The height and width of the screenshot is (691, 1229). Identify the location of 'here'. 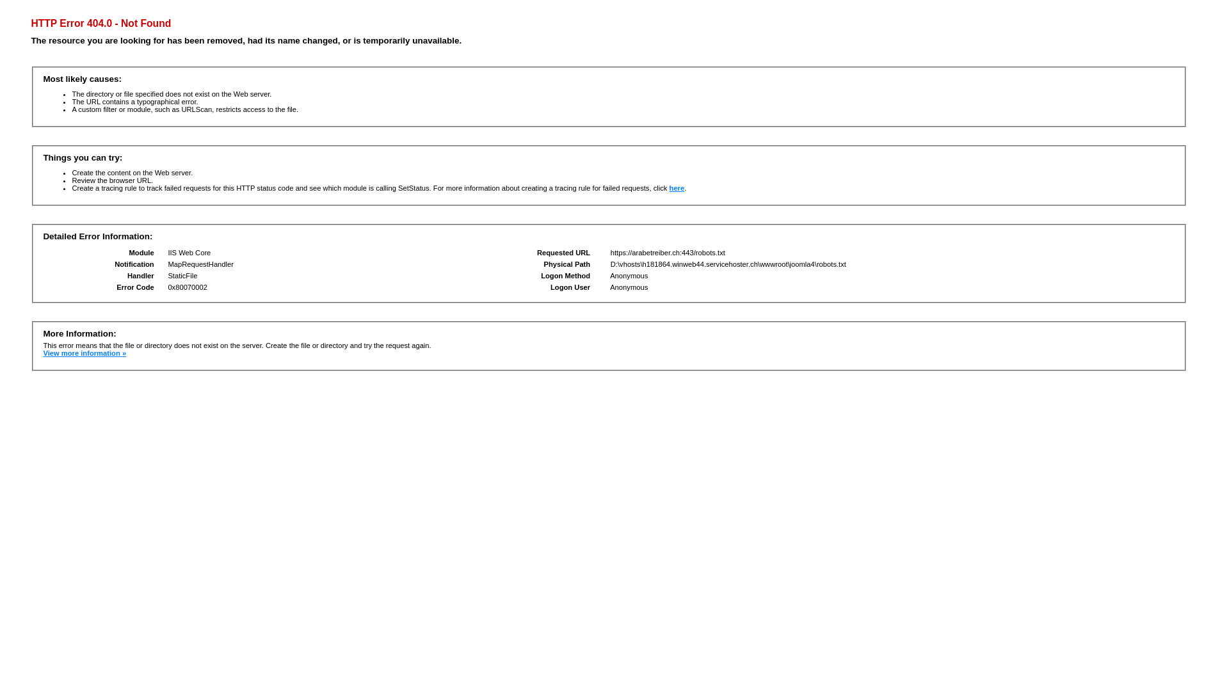
(676, 187).